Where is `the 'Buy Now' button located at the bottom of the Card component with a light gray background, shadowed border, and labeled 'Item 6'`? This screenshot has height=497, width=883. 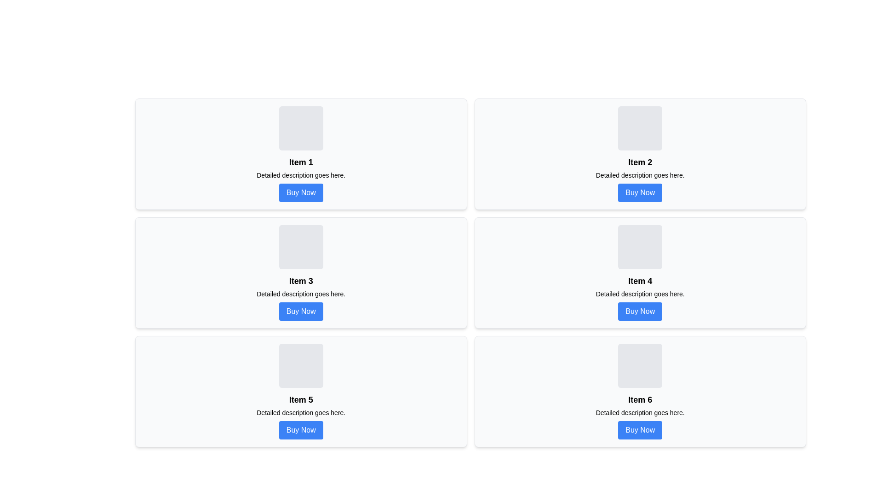
the 'Buy Now' button located at the bottom of the Card component with a light gray background, shadowed border, and labeled 'Item 6' is located at coordinates (640, 392).